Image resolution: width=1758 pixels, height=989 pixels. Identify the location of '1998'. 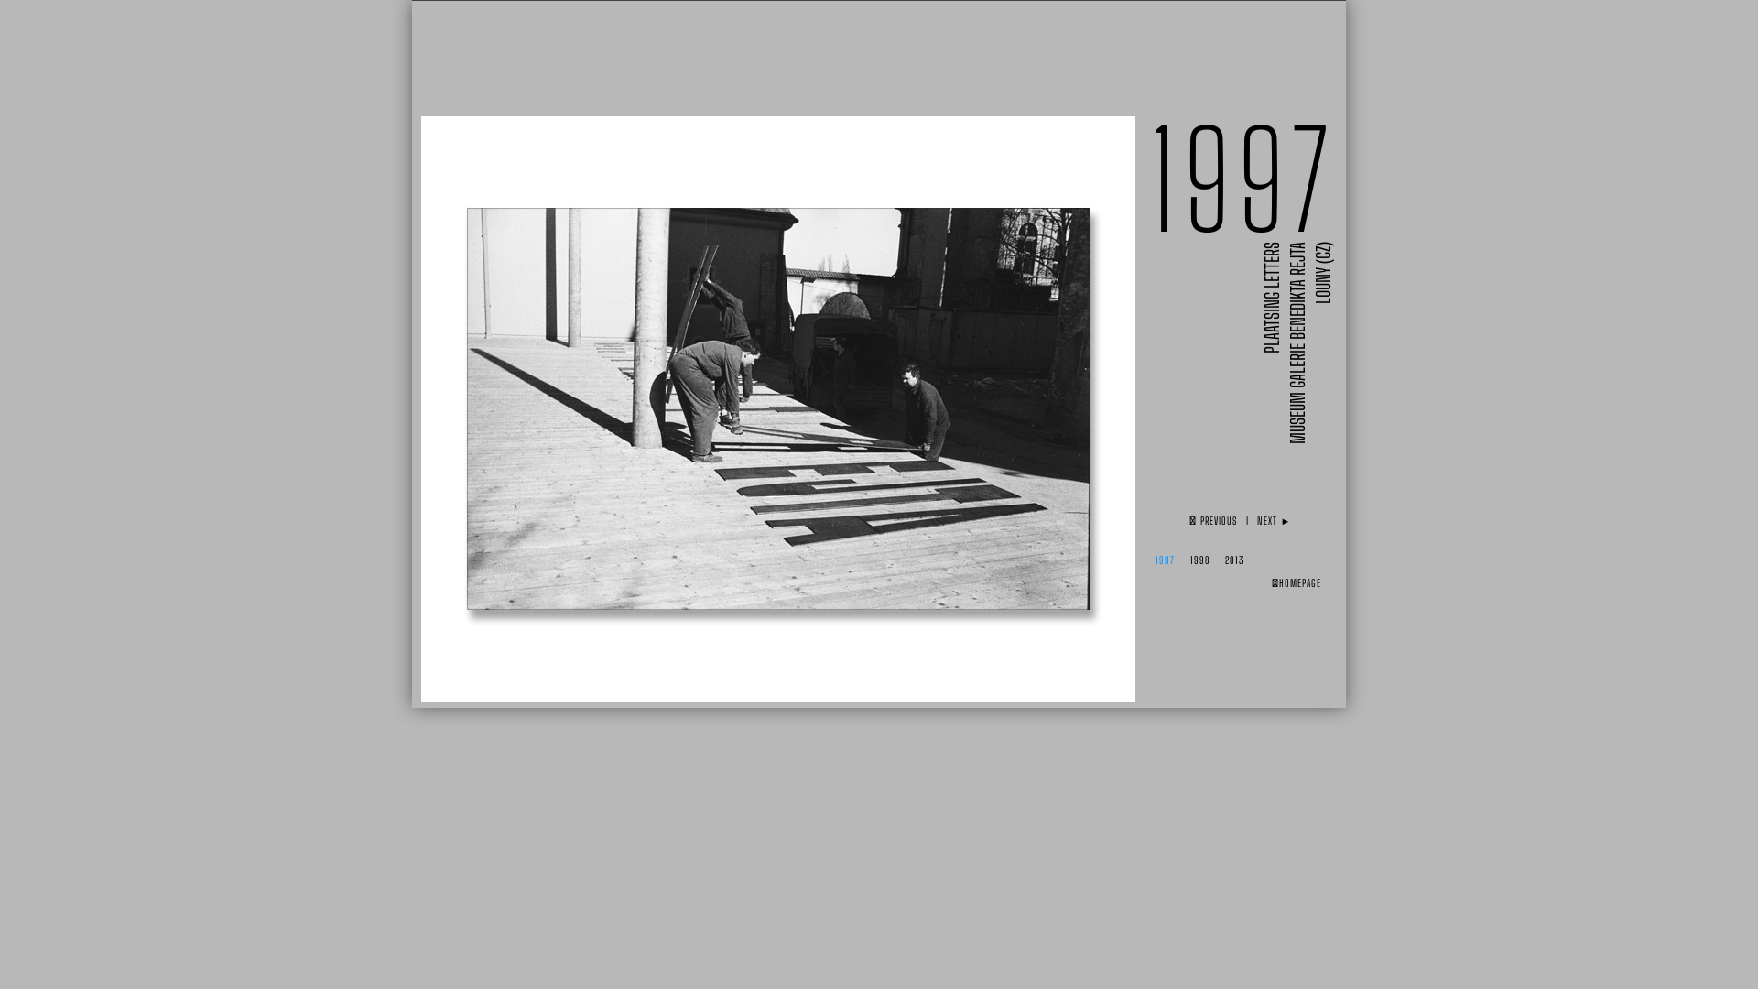
(1199, 559).